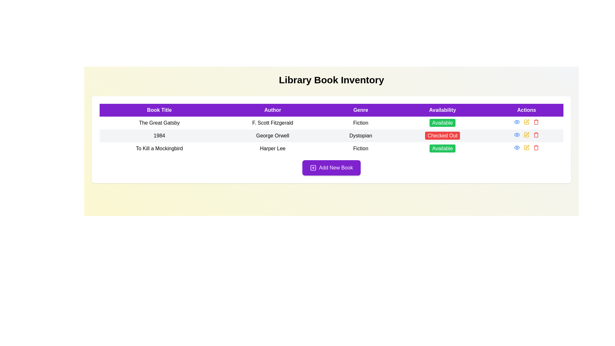 This screenshot has width=615, height=346. I want to click on the centrally located button for adding a new book entry, so click(332, 168).